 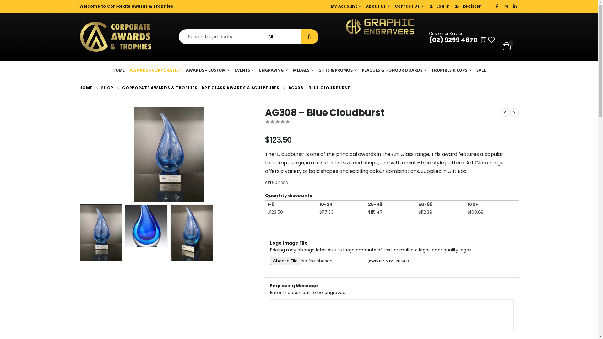 I want to click on 'PLAQUES & HONOUR BOARDS', so click(x=394, y=70).